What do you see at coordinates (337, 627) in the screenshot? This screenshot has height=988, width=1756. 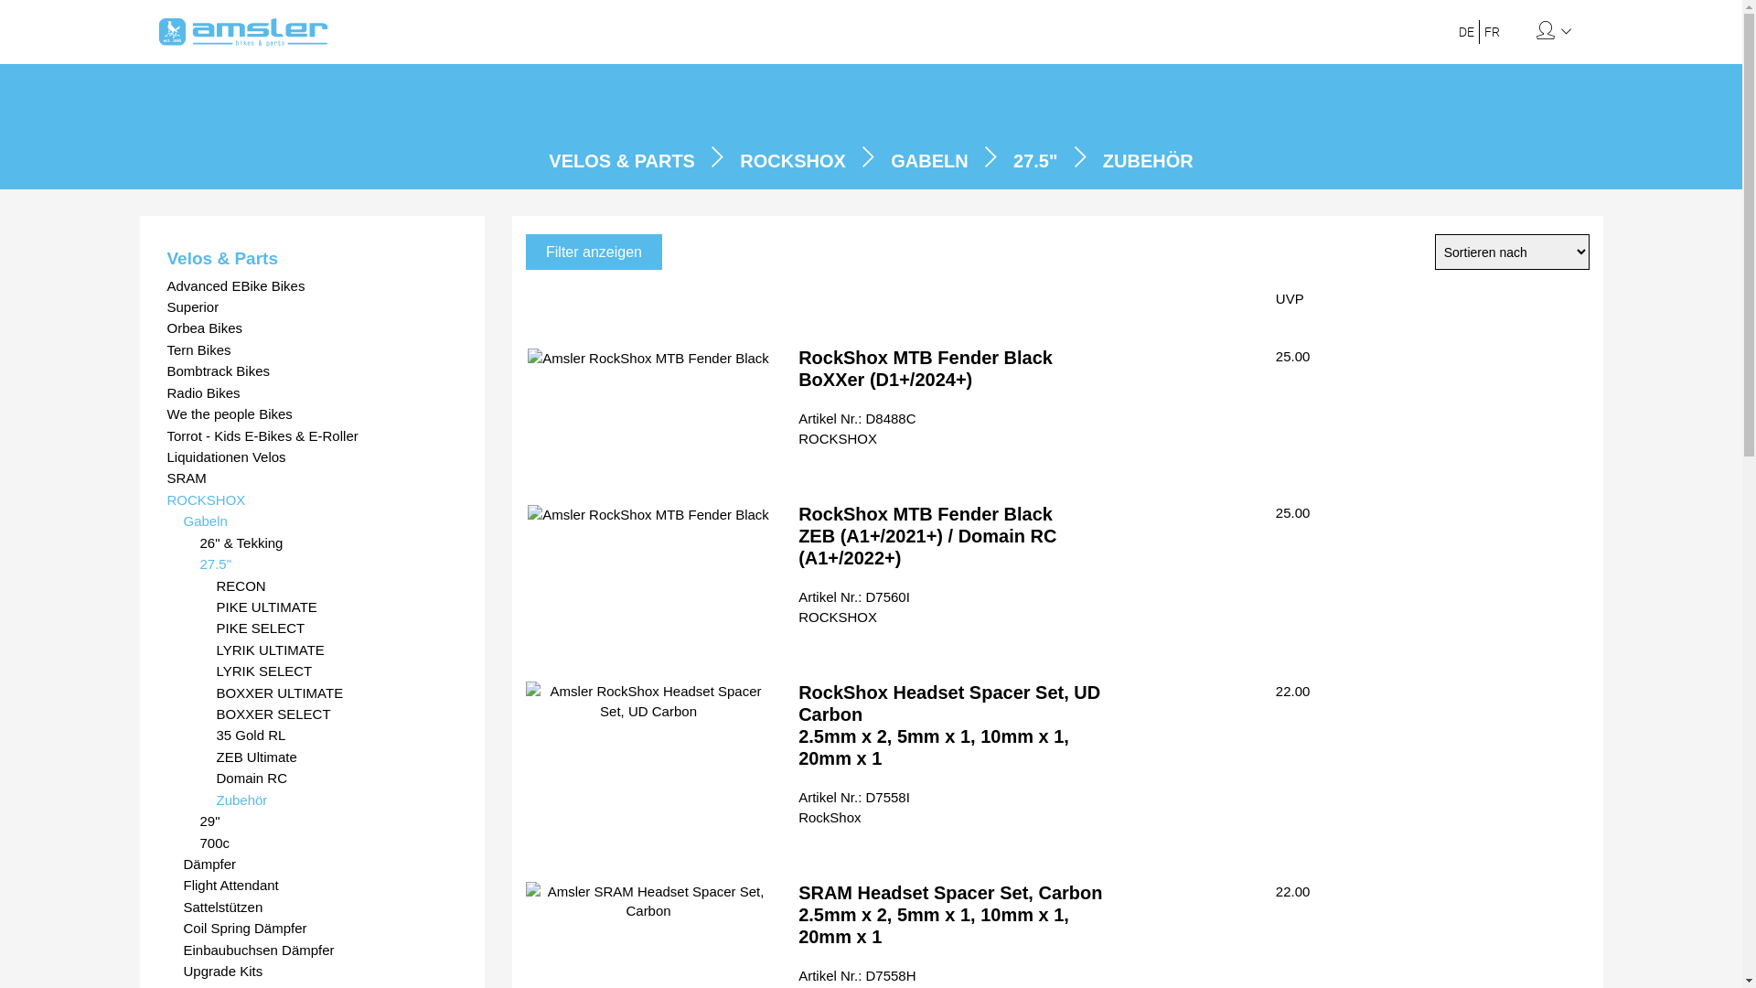 I see `'PIKE SELECT'` at bounding box center [337, 627].